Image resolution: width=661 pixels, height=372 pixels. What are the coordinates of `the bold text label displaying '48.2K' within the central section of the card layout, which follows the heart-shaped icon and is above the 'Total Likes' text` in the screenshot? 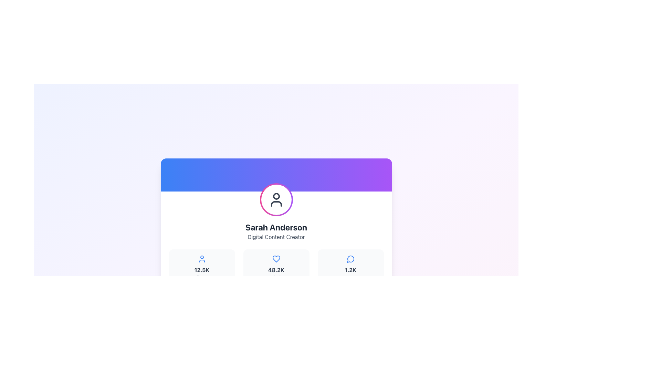 It's located at (276, 269).